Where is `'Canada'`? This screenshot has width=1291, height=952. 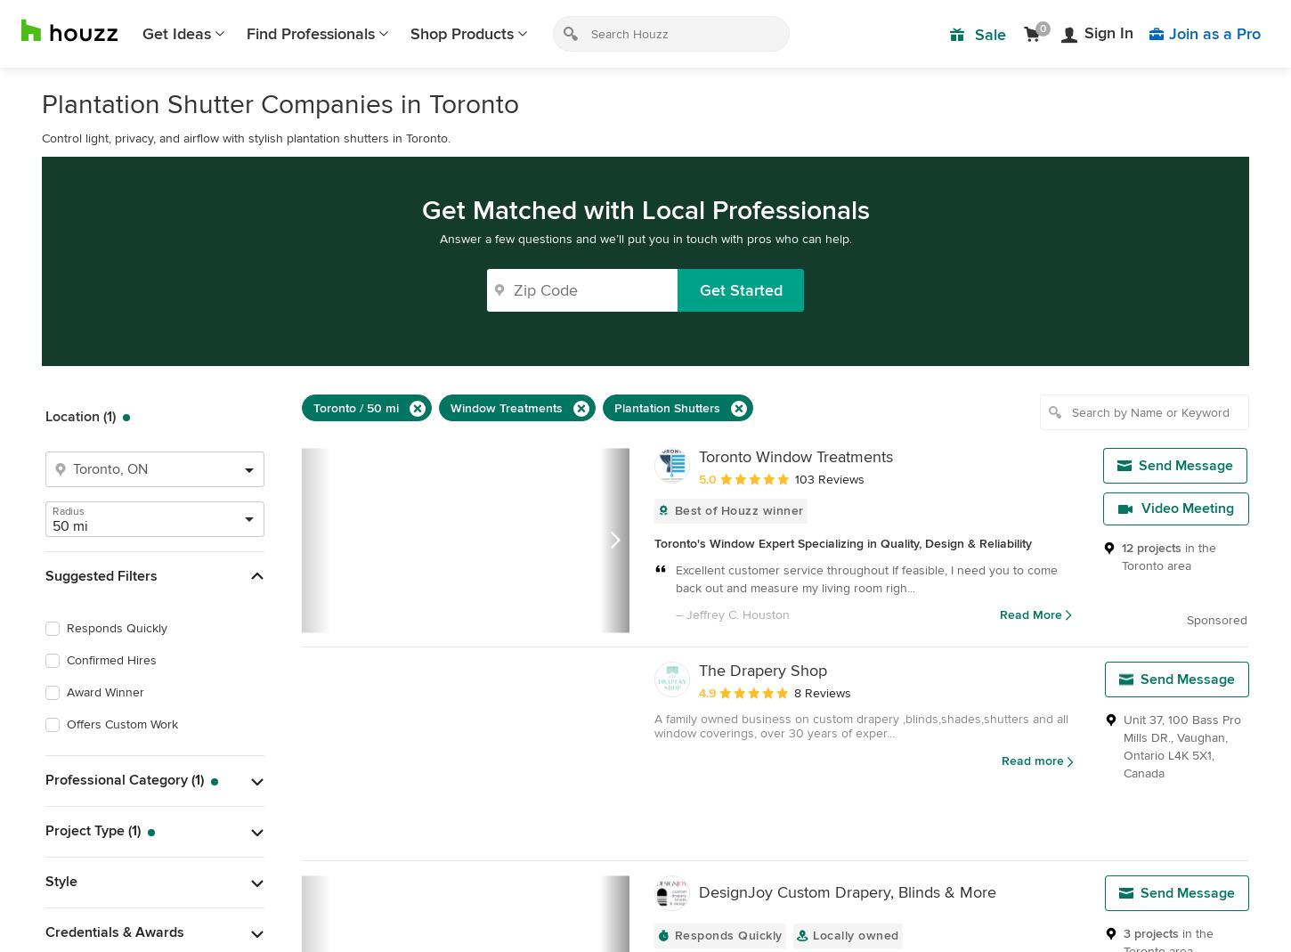
'Canada' is located at coordinates (1143, 772).